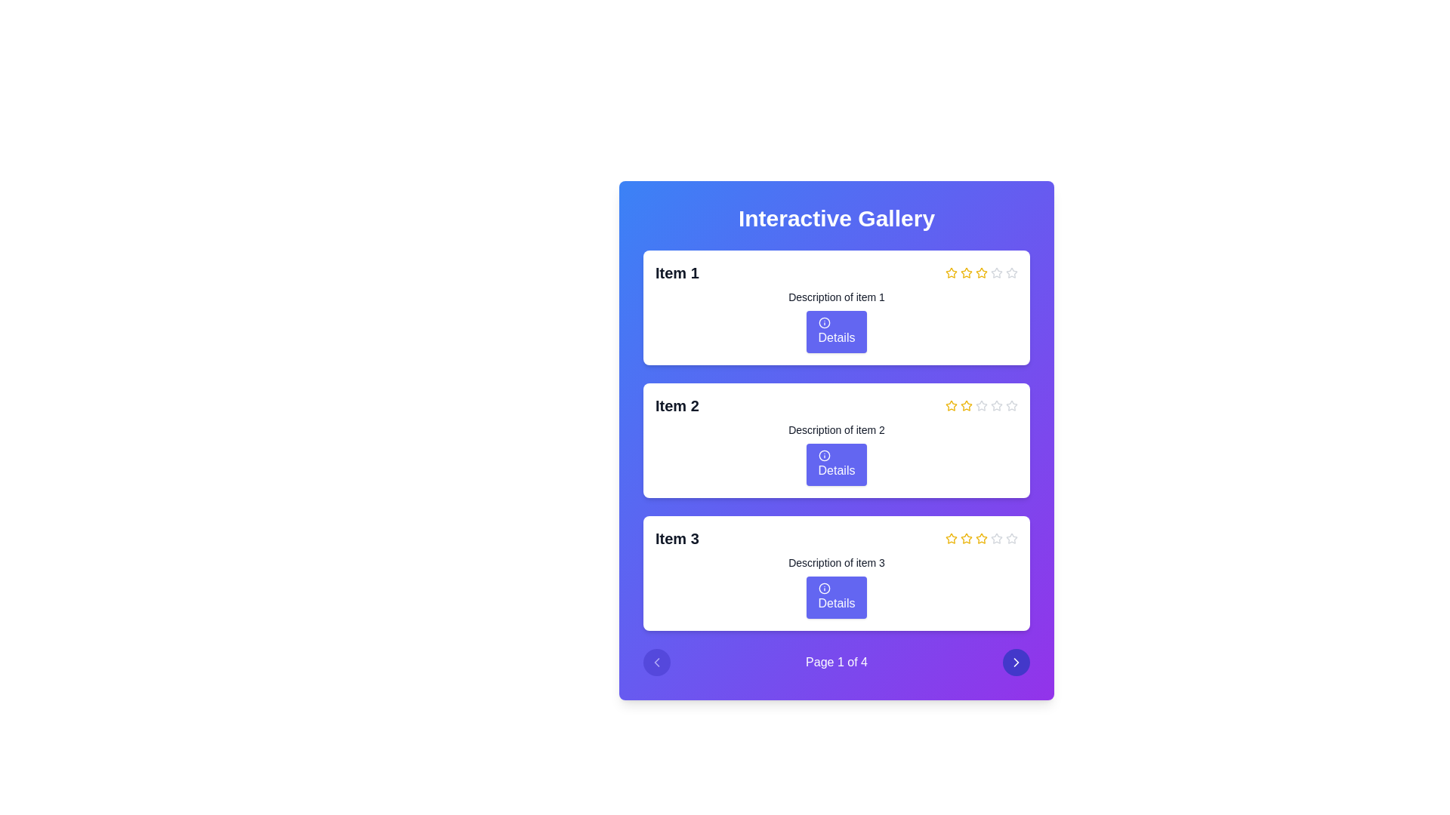 The image size is (1450, 815). Describe the element at coordinates (836, 430) in the screenshot. I see `text of the label displaying 'Description of item 2', which is located below the 'Item 2' heading and above the 'Details' button` at that location.